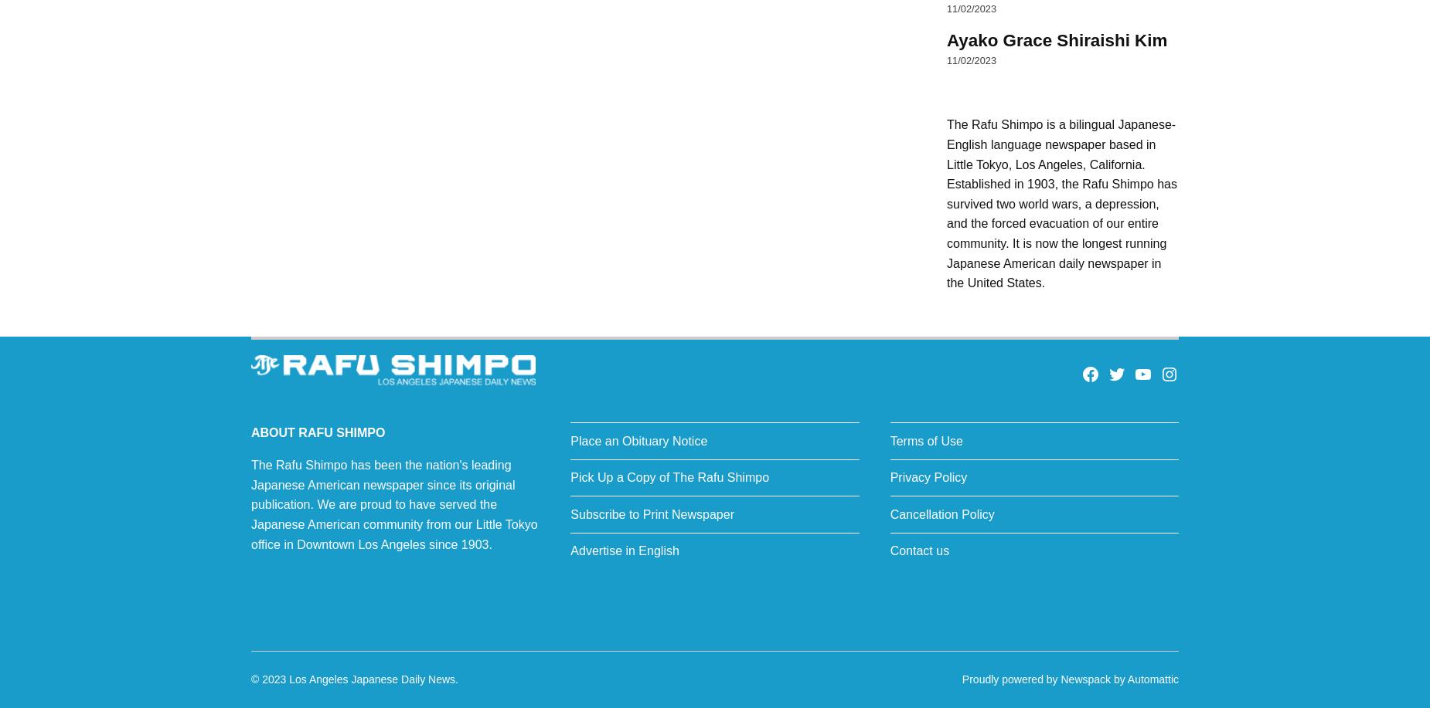 The width and height of the screenshot is (1430, 708). I want to click on 'Place an Obituary Notice', so click(638, 440).